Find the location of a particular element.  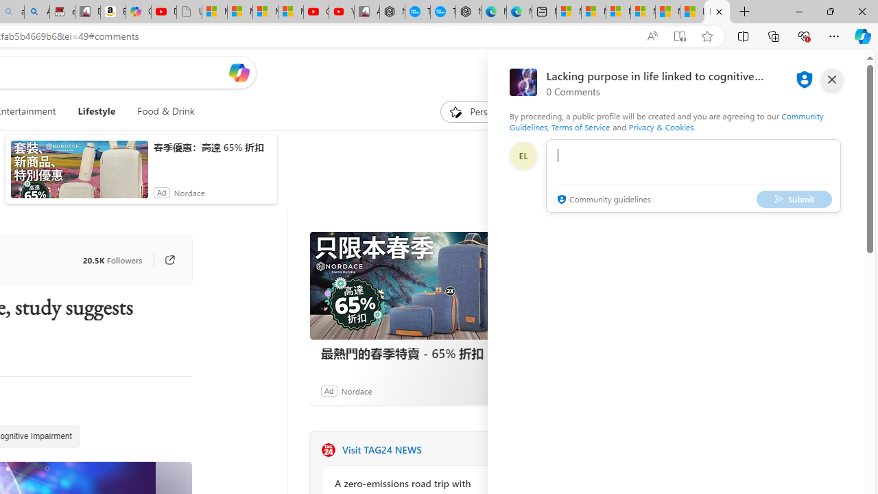

'Submit' is located at coordinates (794, 199).